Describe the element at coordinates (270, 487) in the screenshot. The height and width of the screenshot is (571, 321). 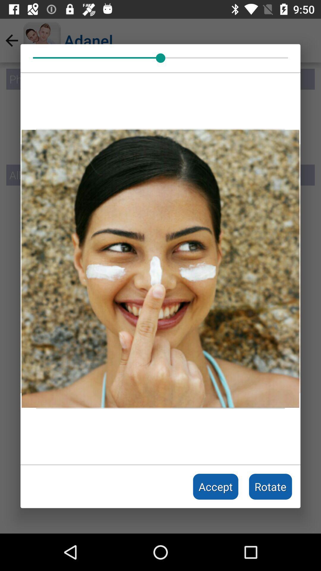
I see `rotate icon` at that location.